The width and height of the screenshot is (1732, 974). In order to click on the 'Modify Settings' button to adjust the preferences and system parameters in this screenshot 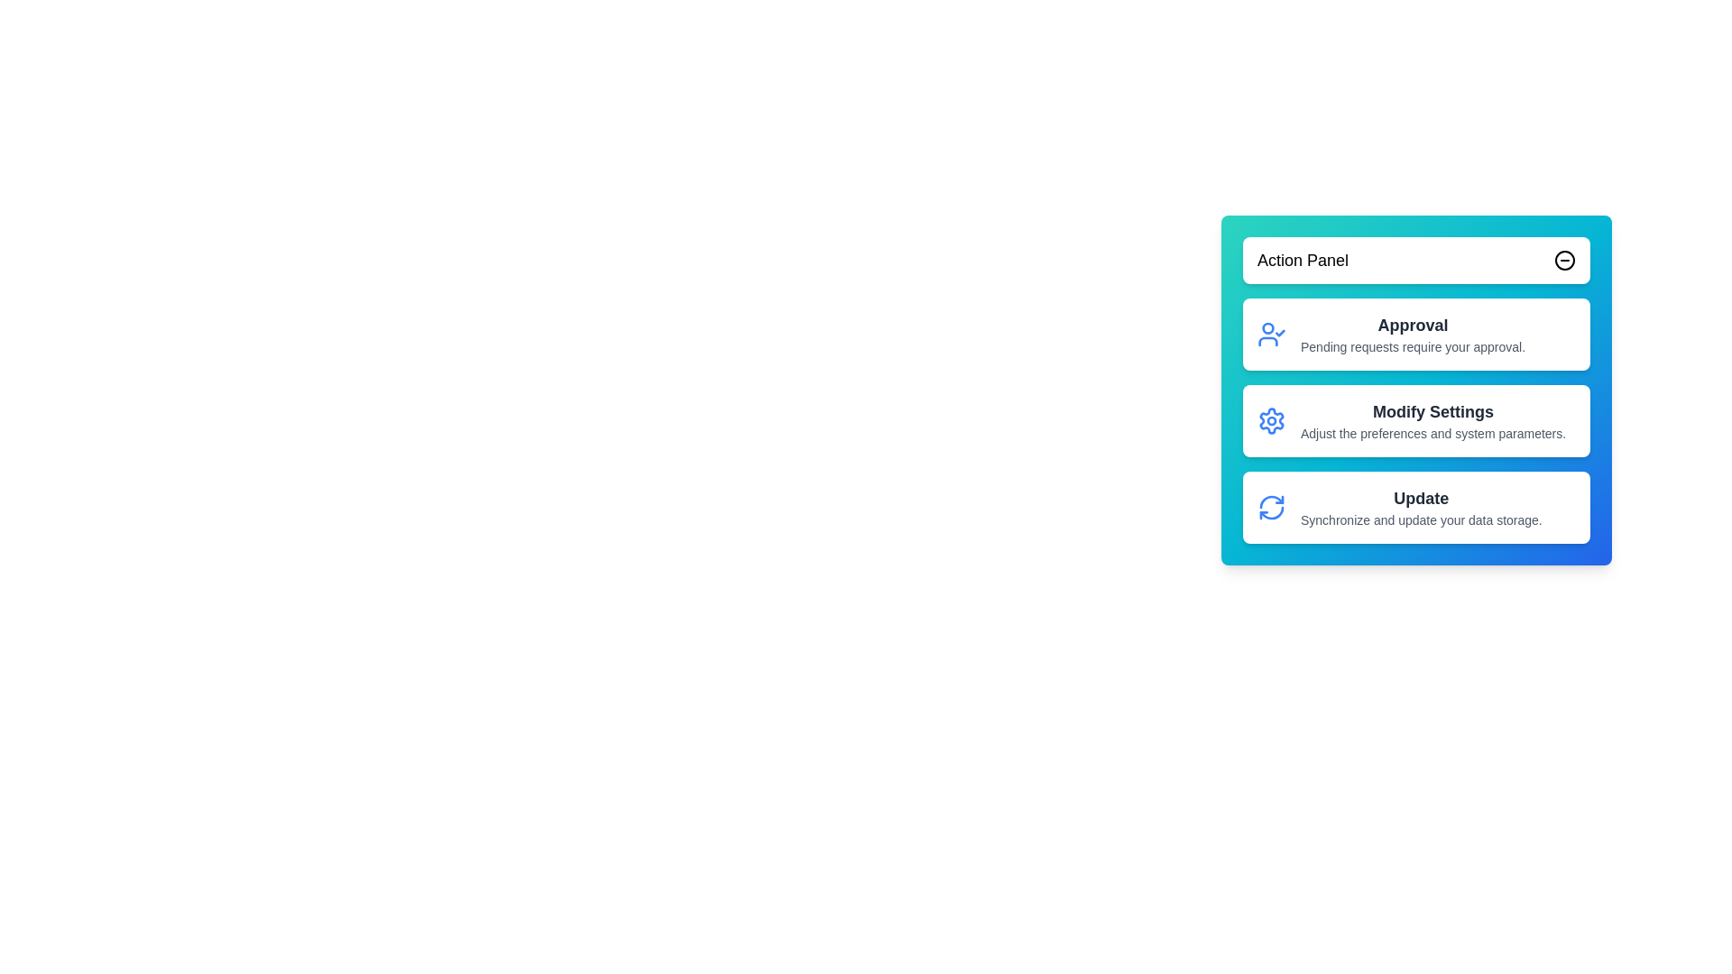, I will do `click(1415, 420)`.